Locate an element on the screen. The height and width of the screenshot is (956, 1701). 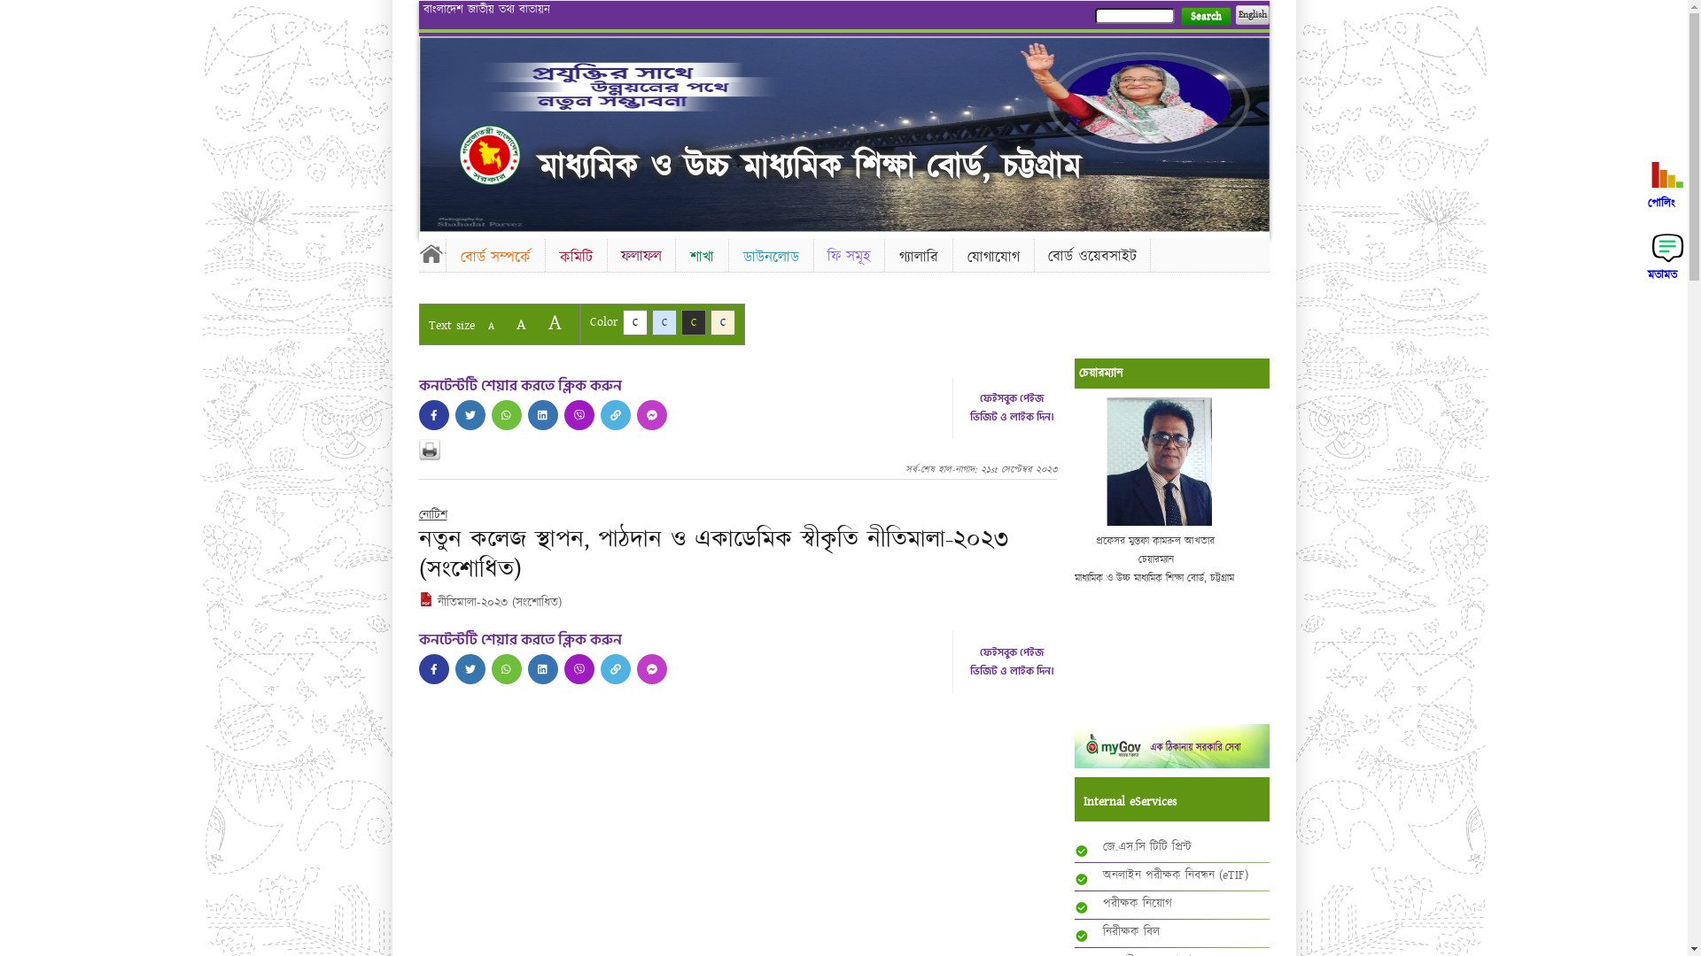
'C' is located at coordinates (621, 322).